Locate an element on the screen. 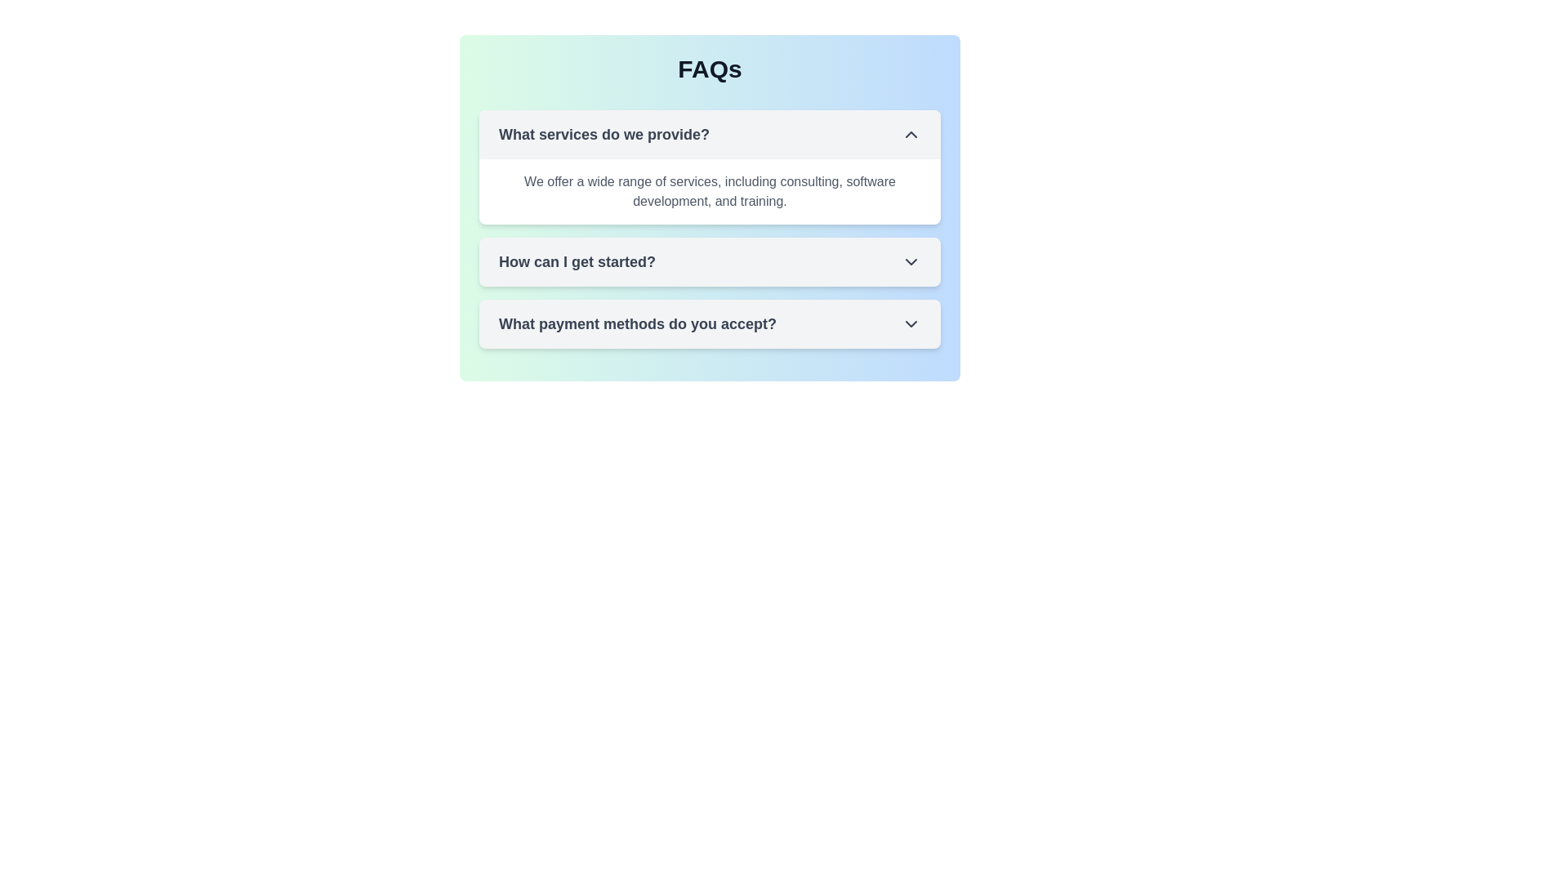  the chevron button located near the right side of the 'How can I get started?' header is located at coordinates (911, 261).